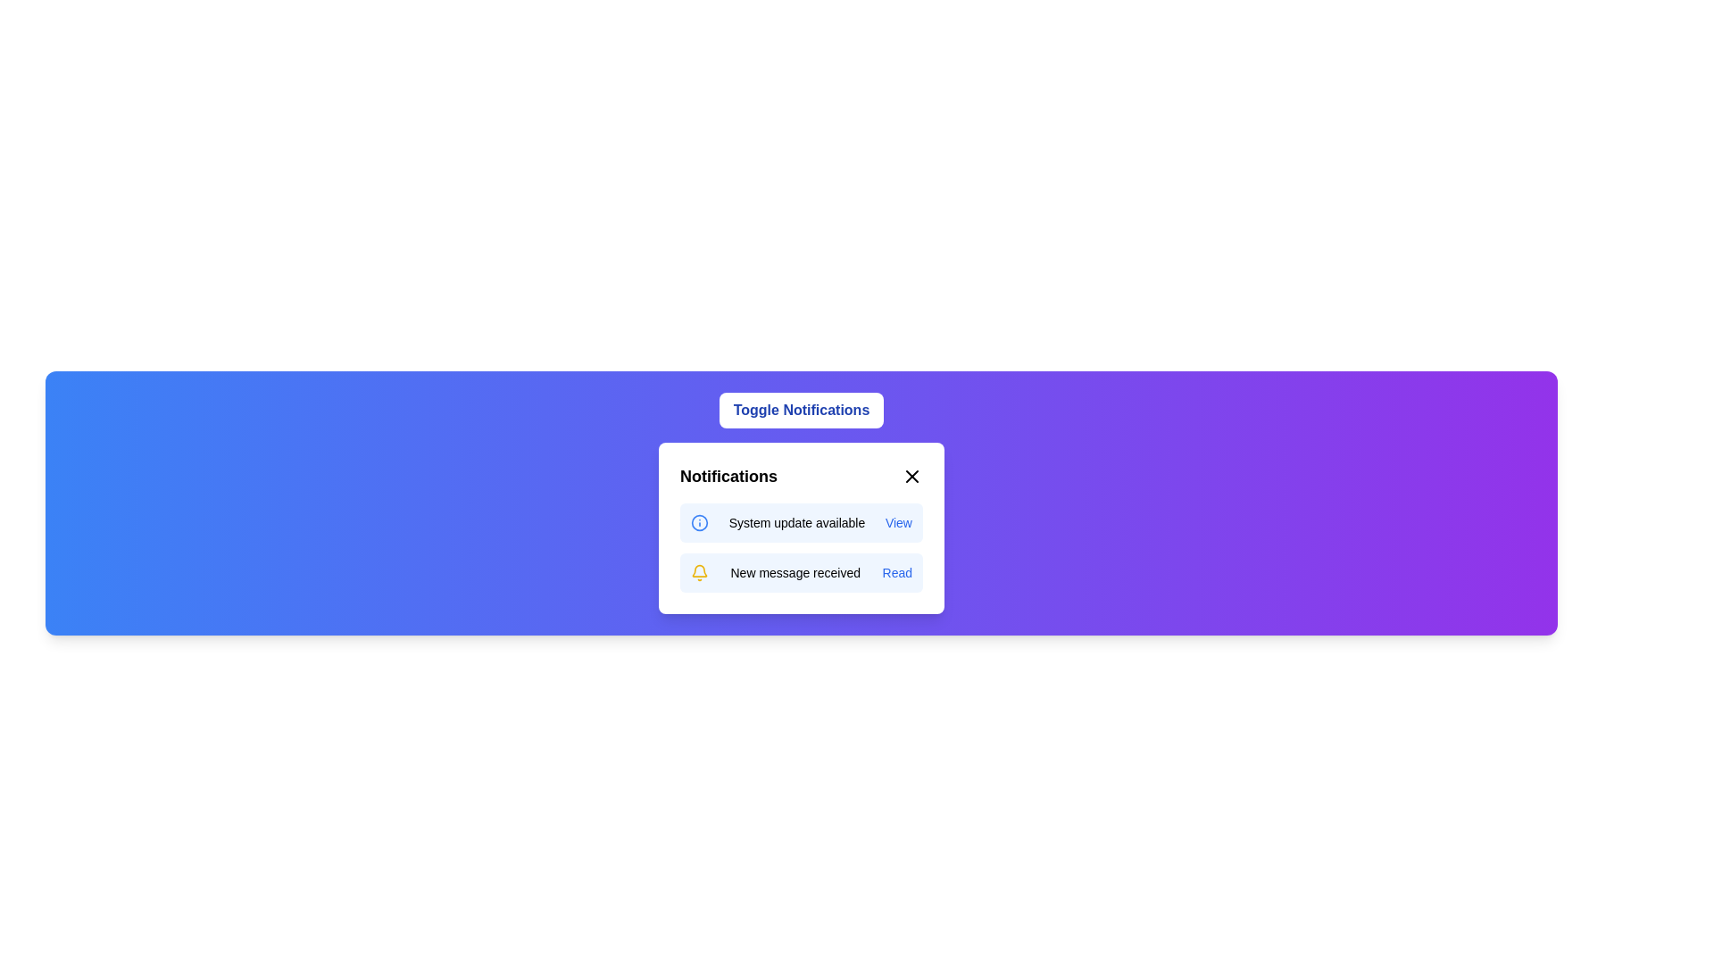 This screenshot has height=964, width=1714. What do you see at coordinates (728, 475) in the screenshot?
I see `bold 'Notifications' text label located on the left side of the notifications modal header` at bounding box center [728, 475].